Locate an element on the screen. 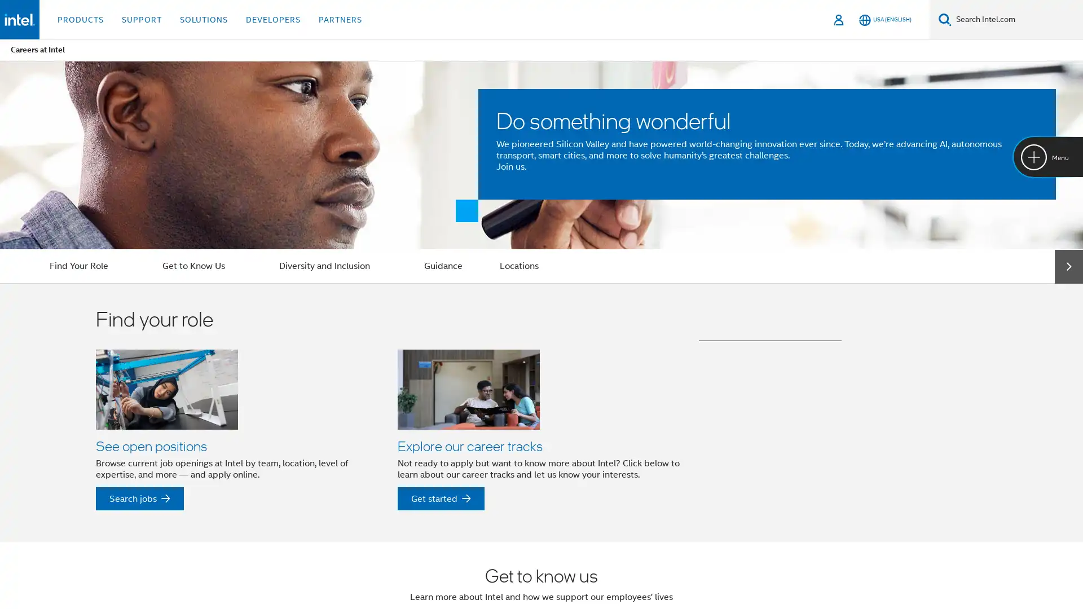 The width and height of the screenshot is (1083, 609). Search is located at coordinates (945, 19).